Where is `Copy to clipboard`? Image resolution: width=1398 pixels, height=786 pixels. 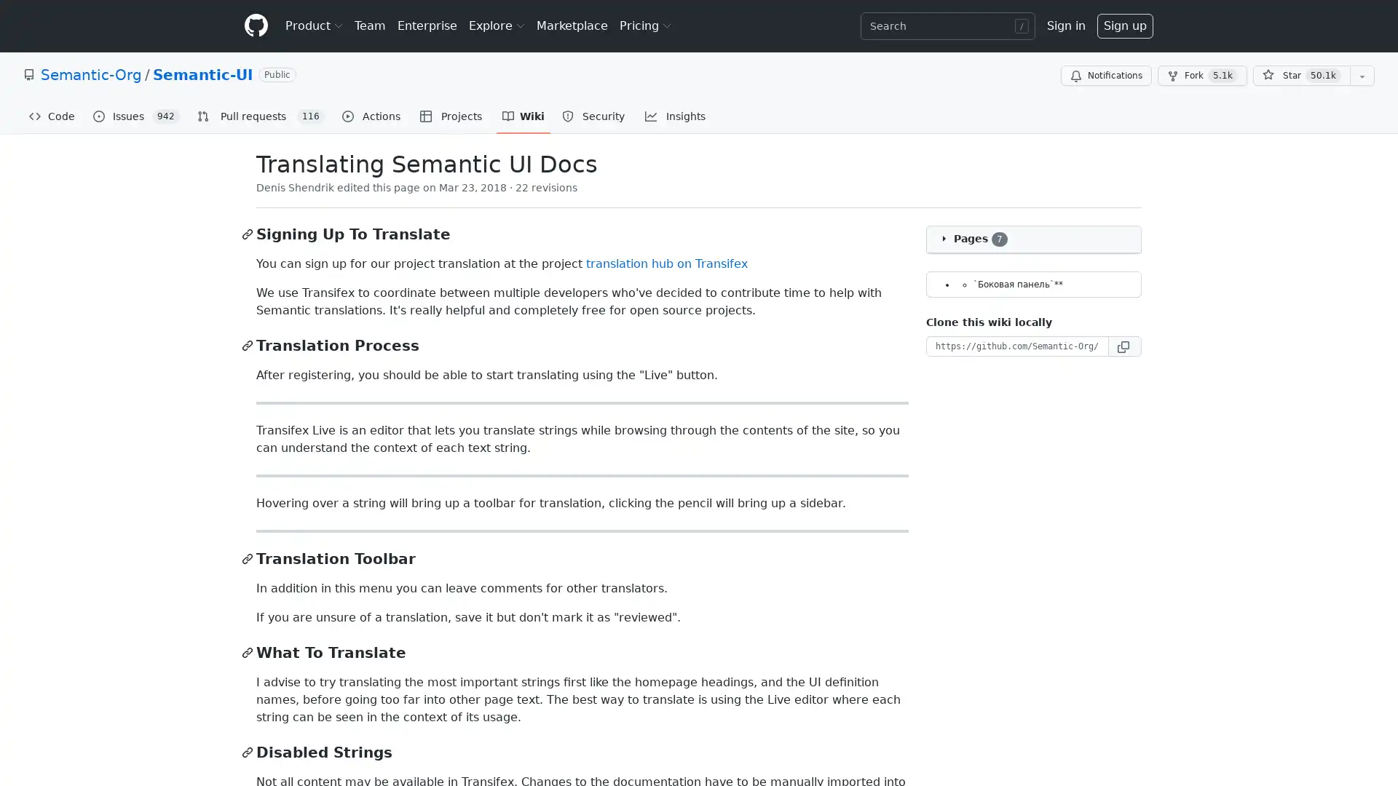 Copy to clipboard is located at coordinates (1124, 346).